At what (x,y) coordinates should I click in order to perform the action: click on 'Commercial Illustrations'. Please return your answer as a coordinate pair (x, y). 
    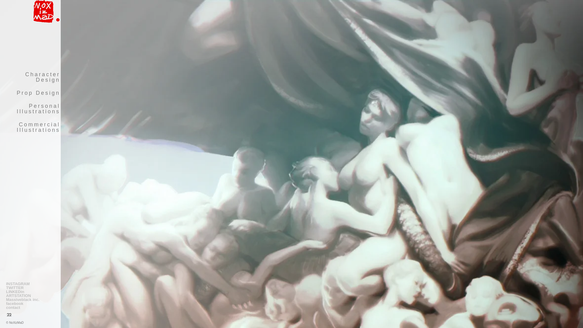
    Looking at the image, I should click on (30, 127).